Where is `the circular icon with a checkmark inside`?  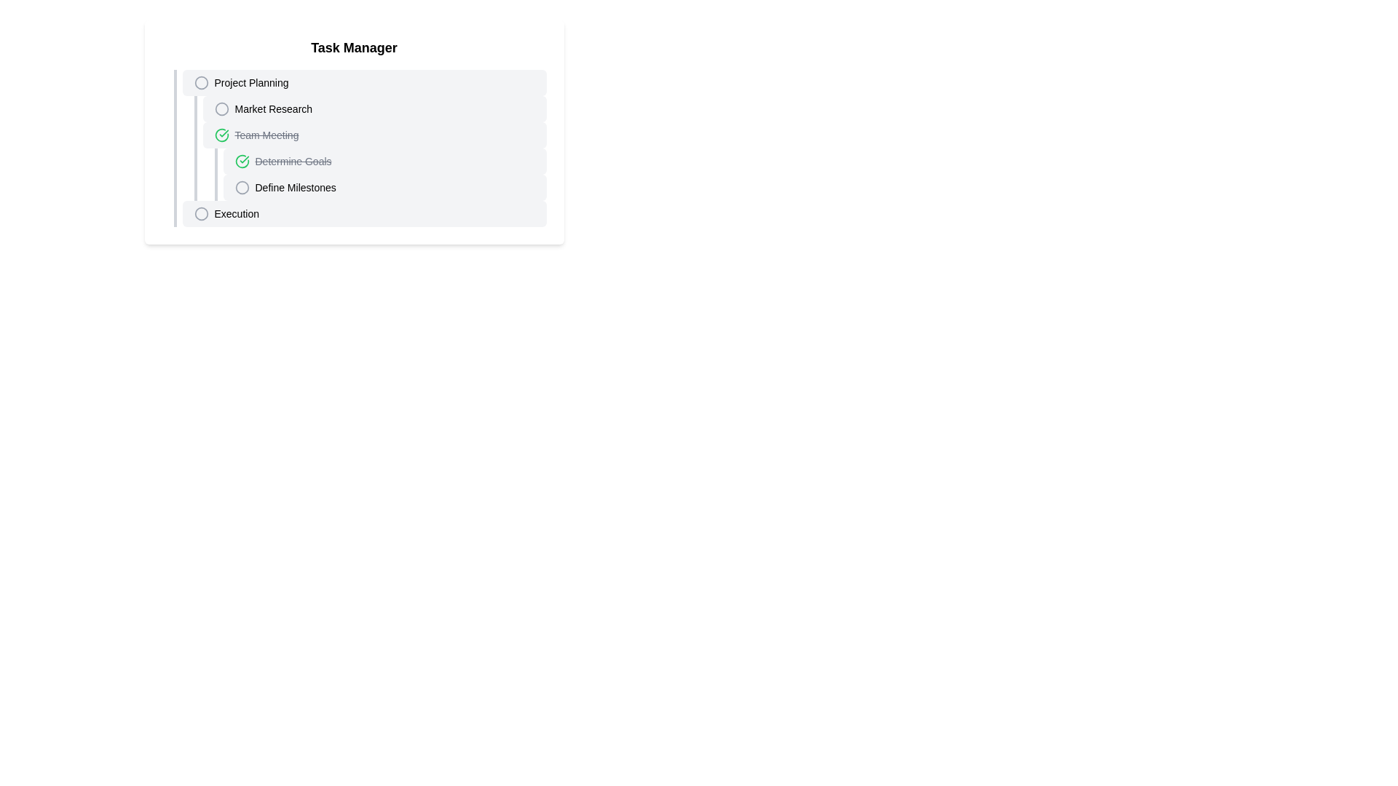
the circular icon with a checkmark inside is located at coordinates (221, 135).